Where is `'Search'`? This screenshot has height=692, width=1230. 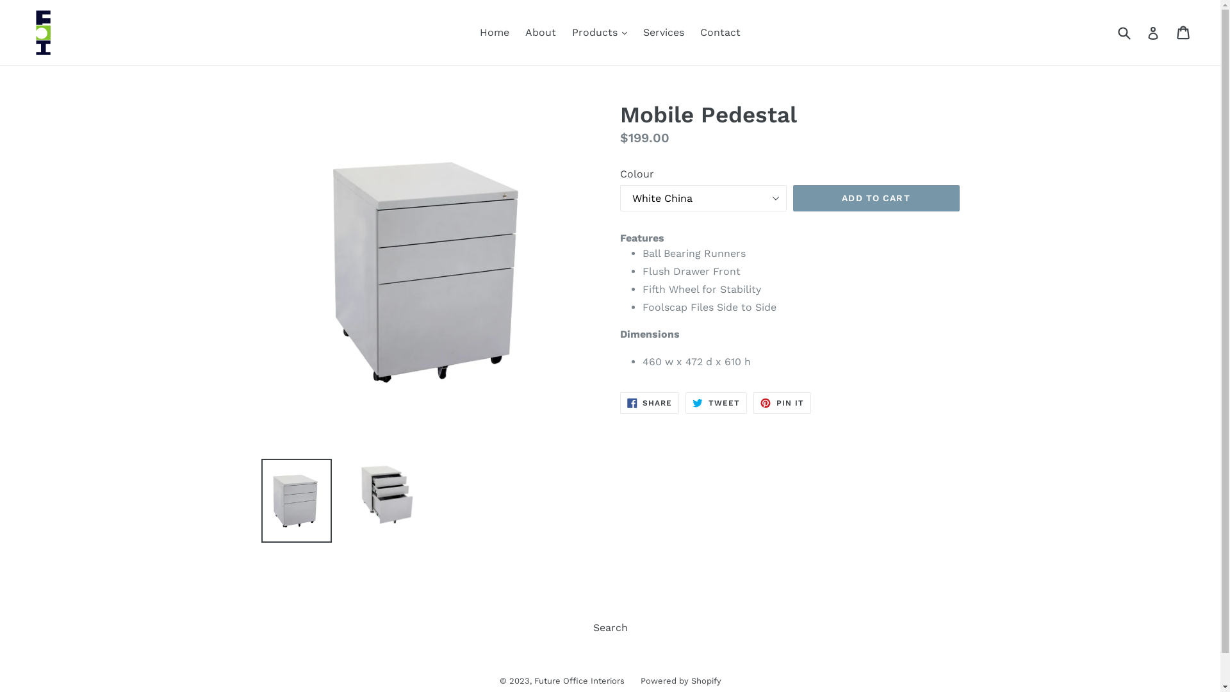
'Search' is located at coordinates (610, 627).